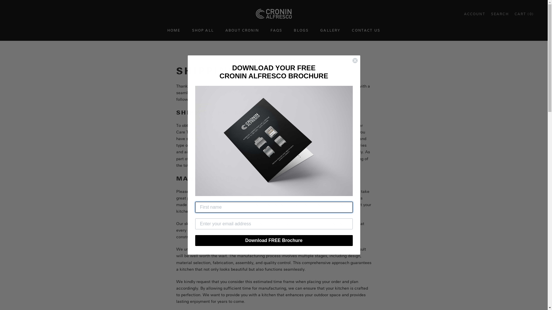  What do you see at coordinates (354, 61) in the screenshot?
I see `'Close dialog 1'` at bounding box center [354, 61].